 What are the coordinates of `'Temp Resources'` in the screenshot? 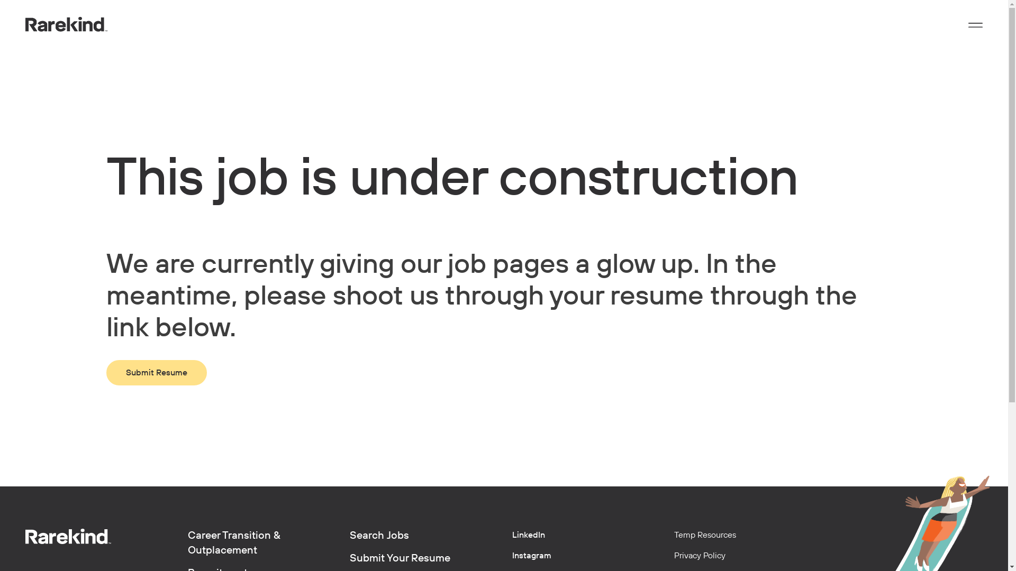 It's located at (705, 535).